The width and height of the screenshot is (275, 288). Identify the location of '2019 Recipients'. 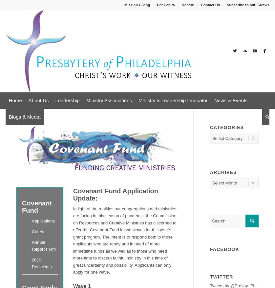
(42, 263).